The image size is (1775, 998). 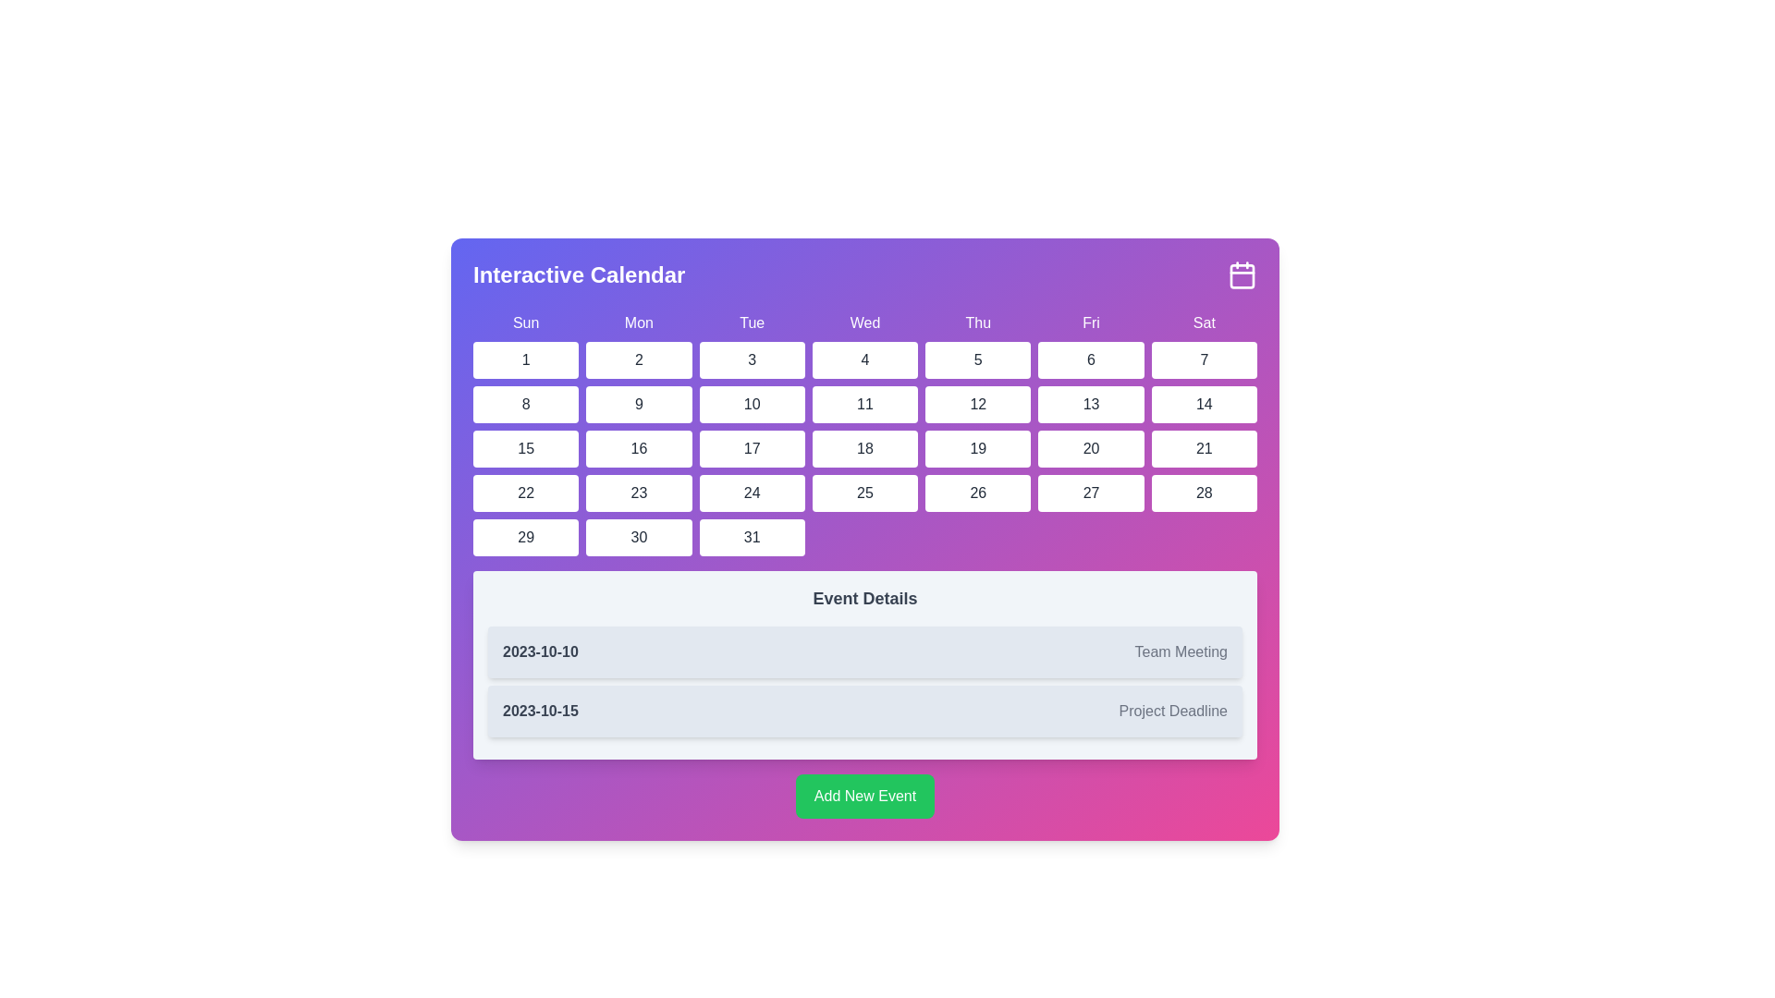 What do you see at coordinates (1242, 276) in the screenshot?
I see `rounded rectangle element inside the calendar icon located at the top-right corner of the interface for information` at bounding box center [1242, 276].